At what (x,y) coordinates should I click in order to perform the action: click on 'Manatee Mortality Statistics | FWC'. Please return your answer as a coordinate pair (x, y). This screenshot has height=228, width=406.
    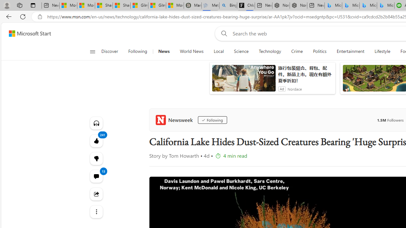
    Looking at the image, I should click on (192, 5).